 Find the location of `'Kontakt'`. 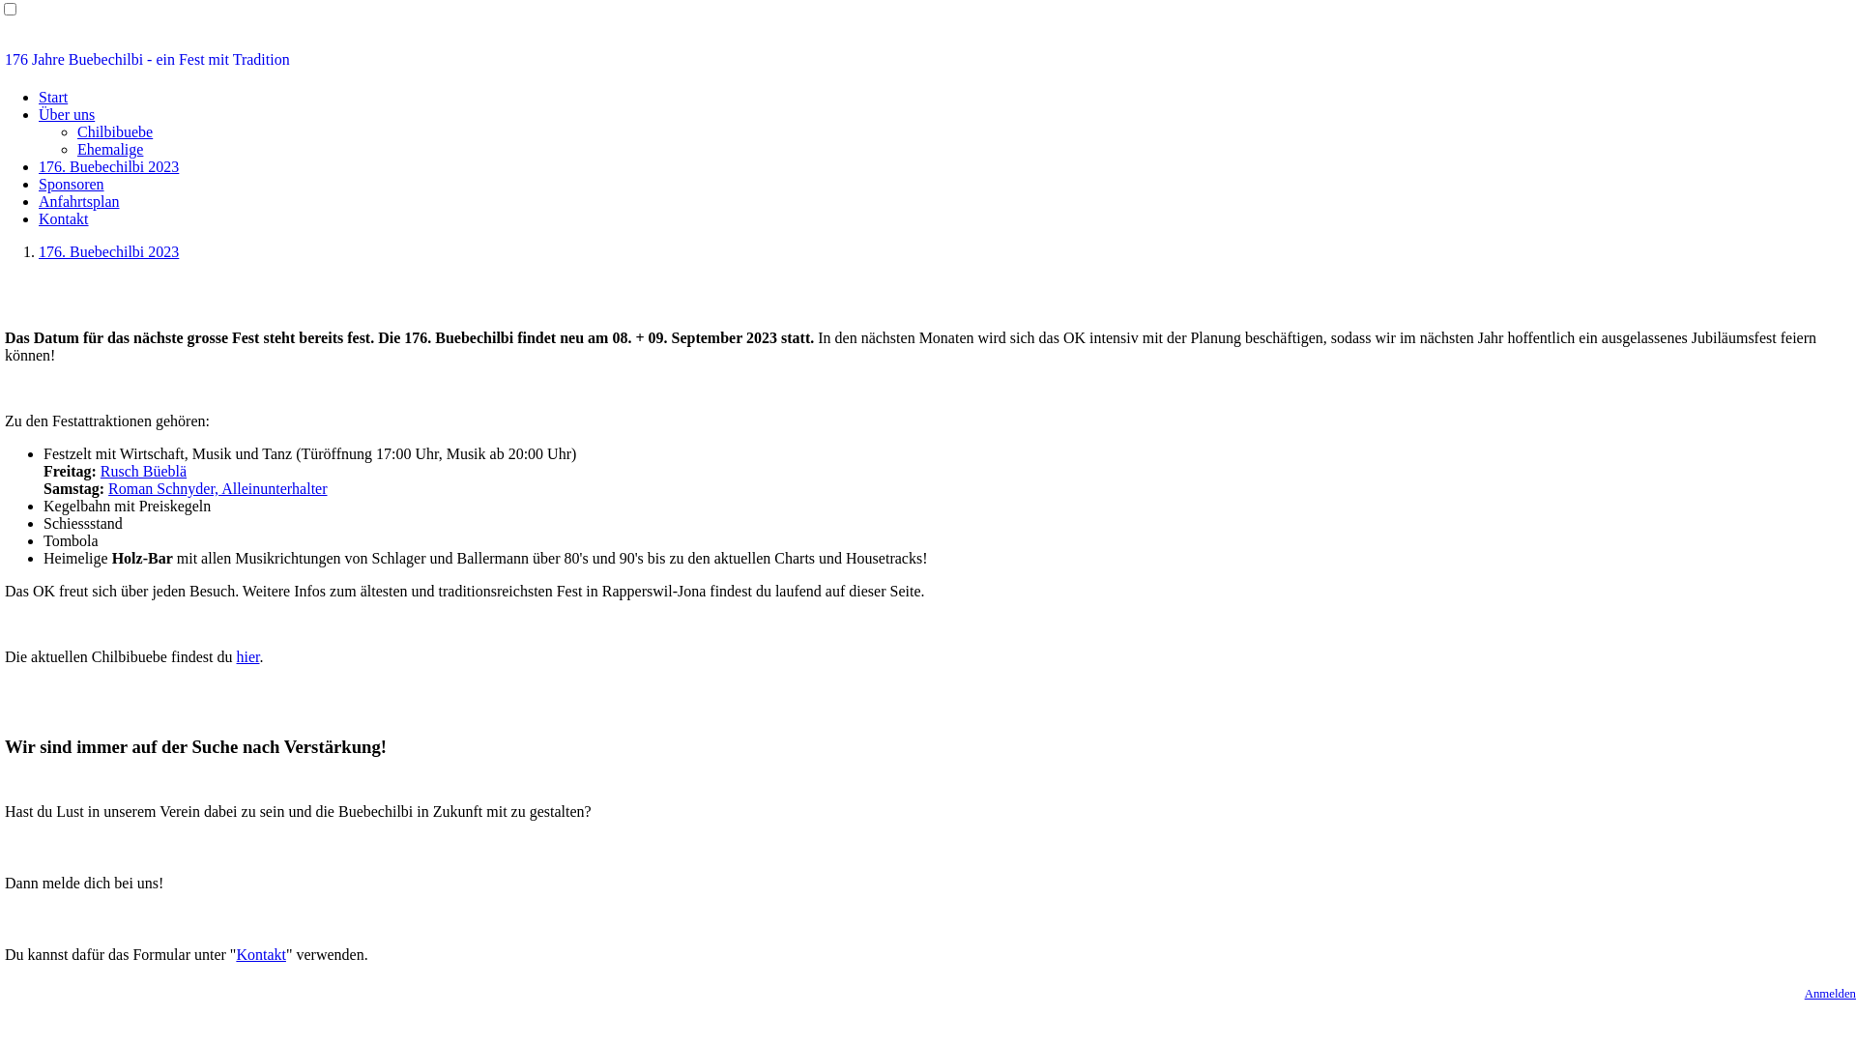

'Kontakt' is located at coordinates (64, 217).